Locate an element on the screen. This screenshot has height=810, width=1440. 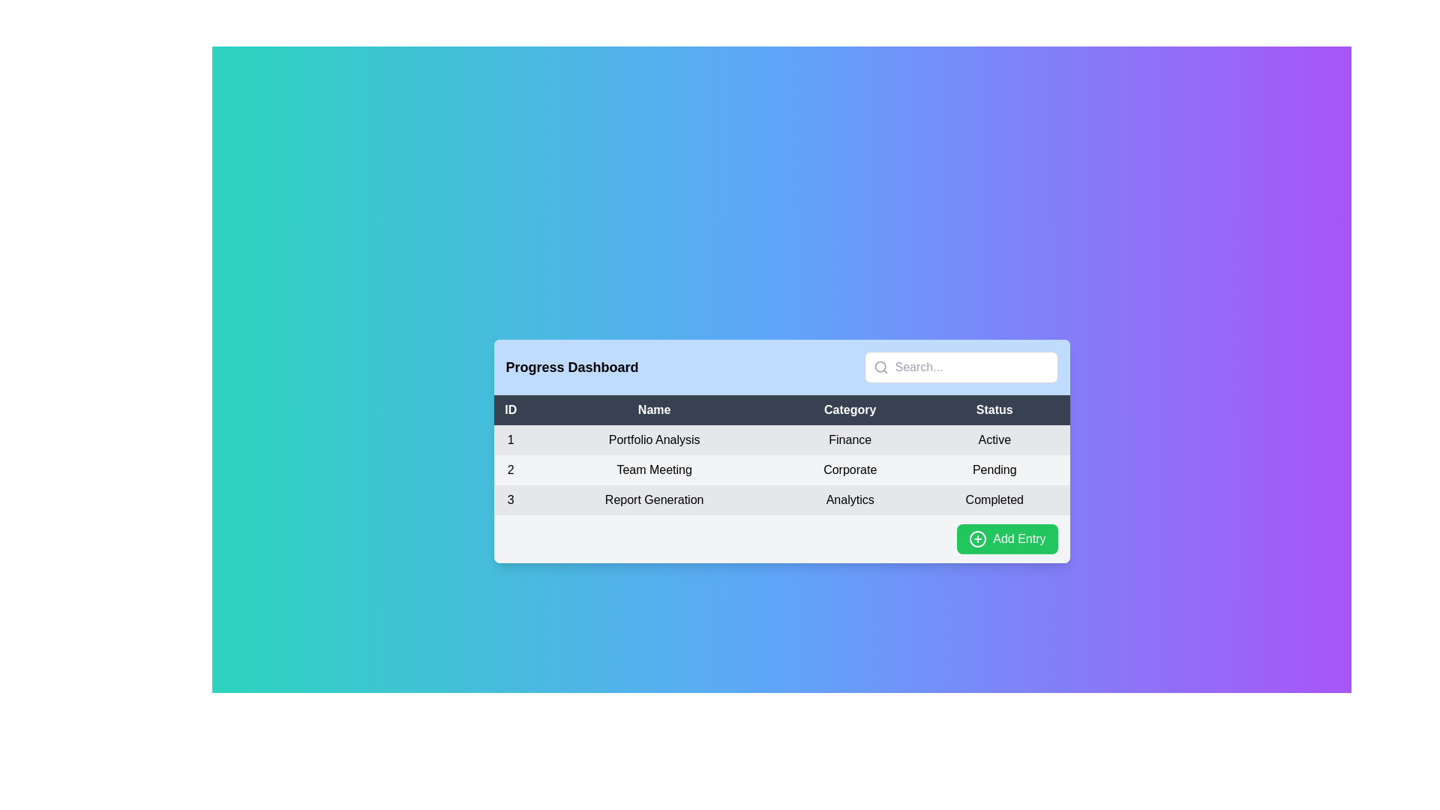
the static text header labeled 'ID', which is styled in white font on a dark blue background, located at the leftmost position in the header row of a table is located at coordinates (511, 410).